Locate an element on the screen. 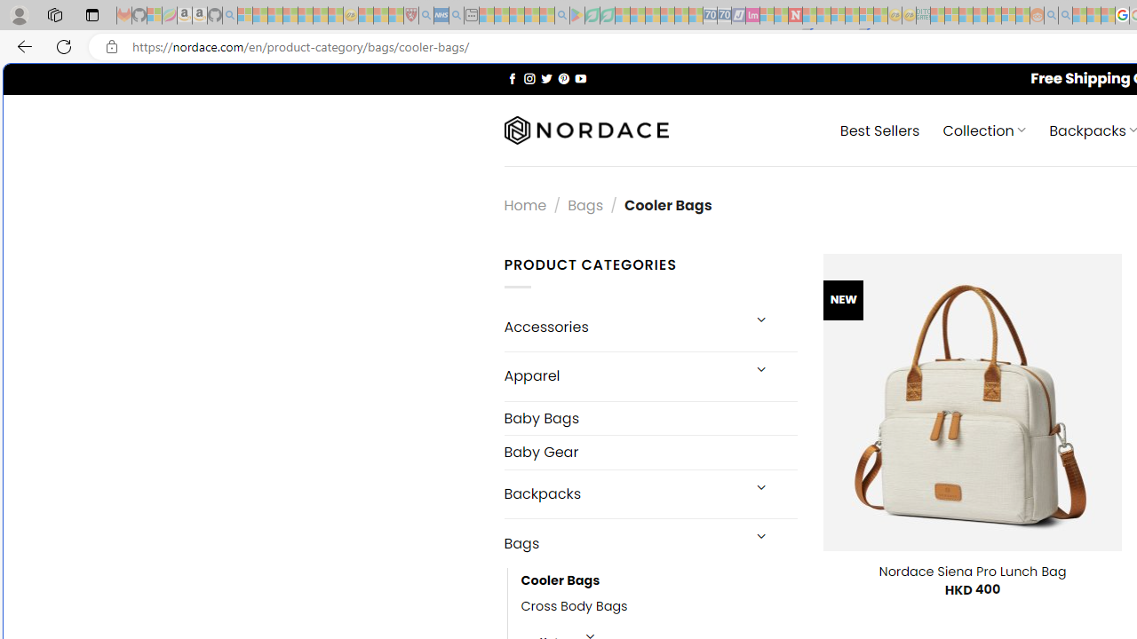 The width and height of the screenshot is (1137, 639). 'Follow on Twitter' is located at coordinates (545, 77).